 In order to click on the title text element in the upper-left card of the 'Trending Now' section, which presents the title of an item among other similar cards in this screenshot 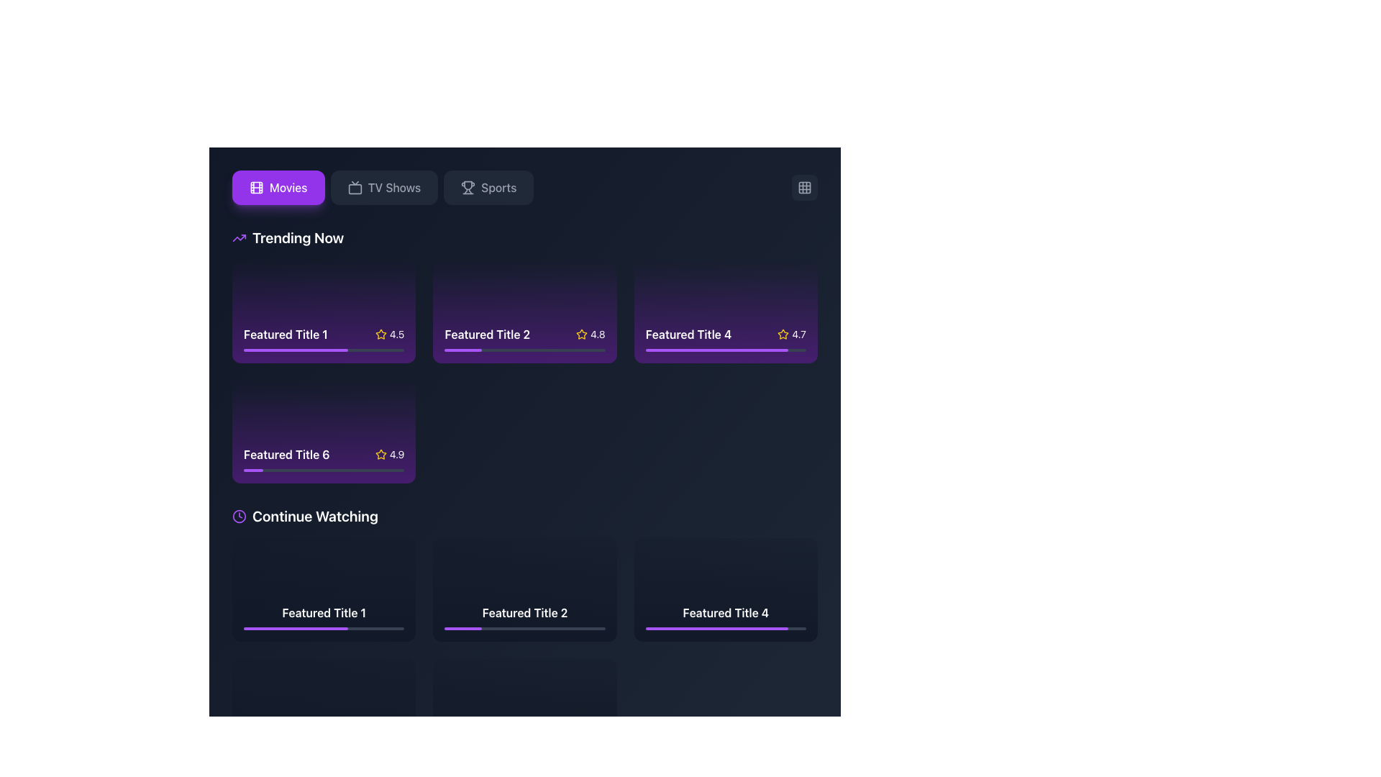, I will do `click(286, 334)`.